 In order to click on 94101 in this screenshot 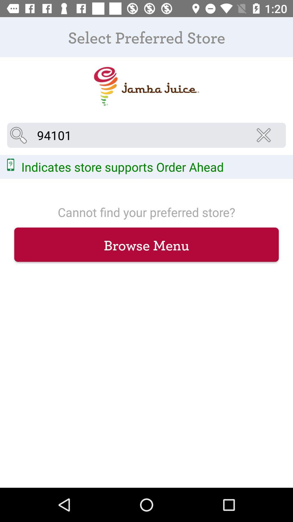, I will do `click(146, 135)`.